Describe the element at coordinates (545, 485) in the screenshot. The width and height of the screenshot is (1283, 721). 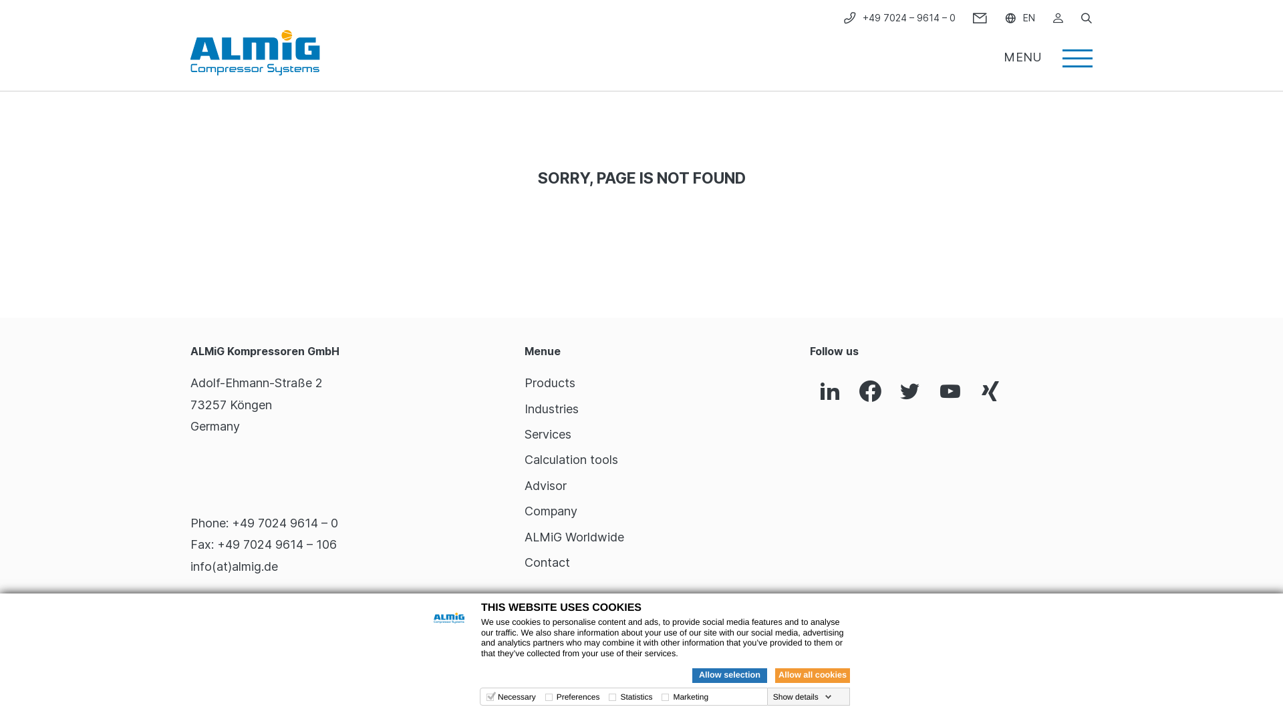
I see `'Advisor'` at that location.